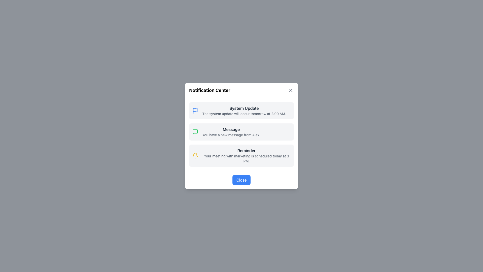 This screenshot has width=483, height=272. Describe the element at coordinates (242, 155) in the screenshot. I see `the third Informational Notification Card in the Notification Center` at that location.